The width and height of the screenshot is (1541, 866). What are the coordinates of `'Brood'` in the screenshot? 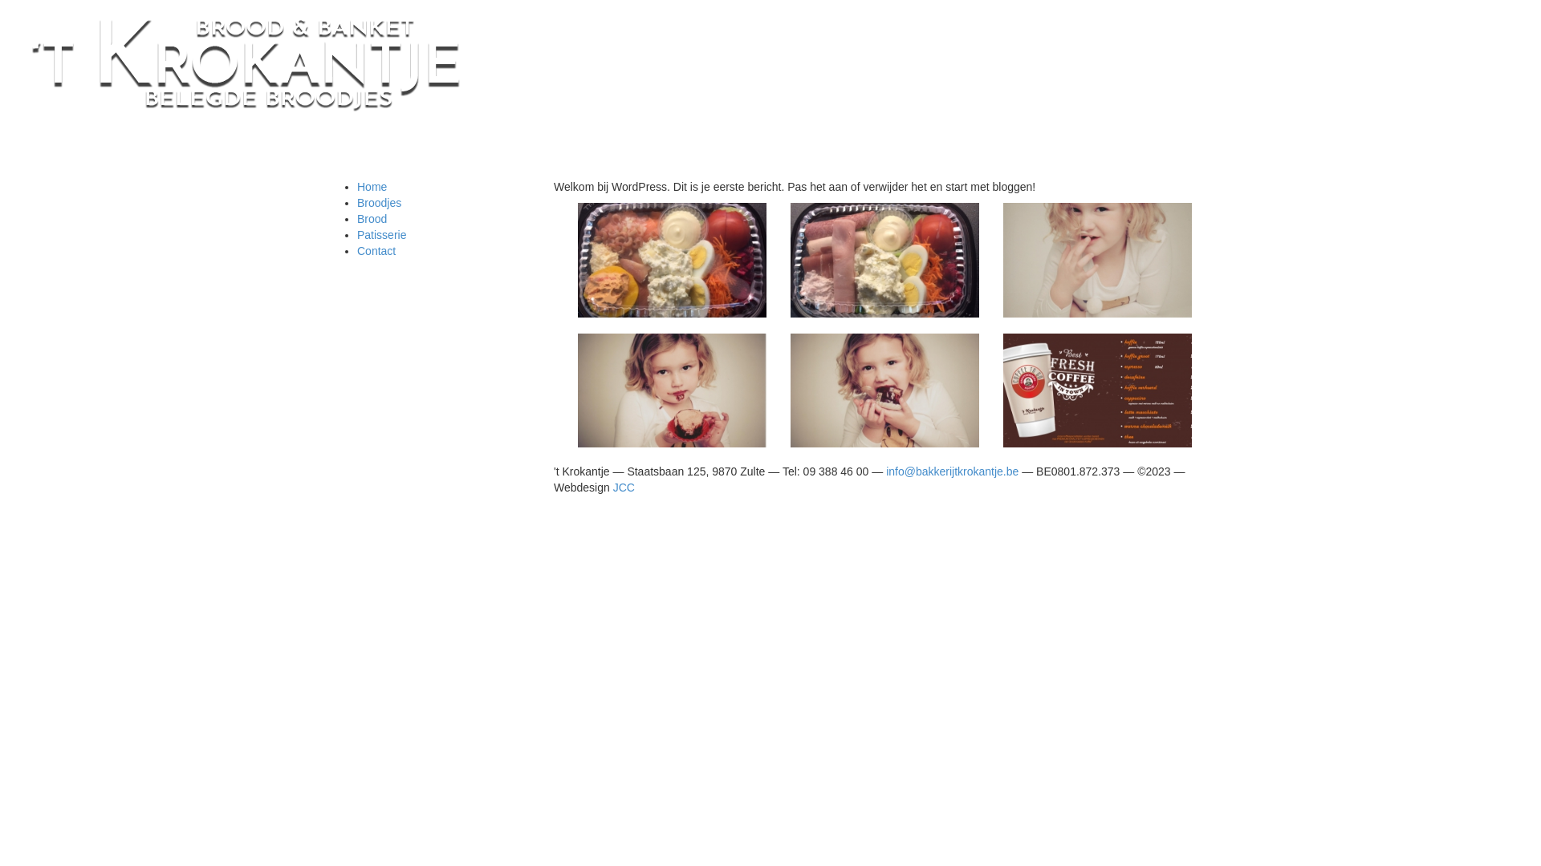 It's located at (371, 219).